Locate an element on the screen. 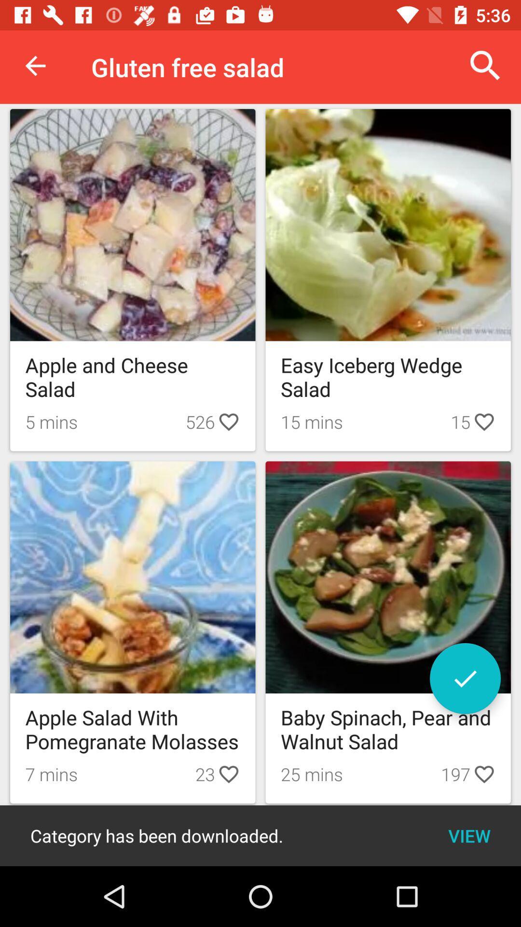 The height and width of the screenshot is (927, 521). the view is located at coordinates (469, 835).